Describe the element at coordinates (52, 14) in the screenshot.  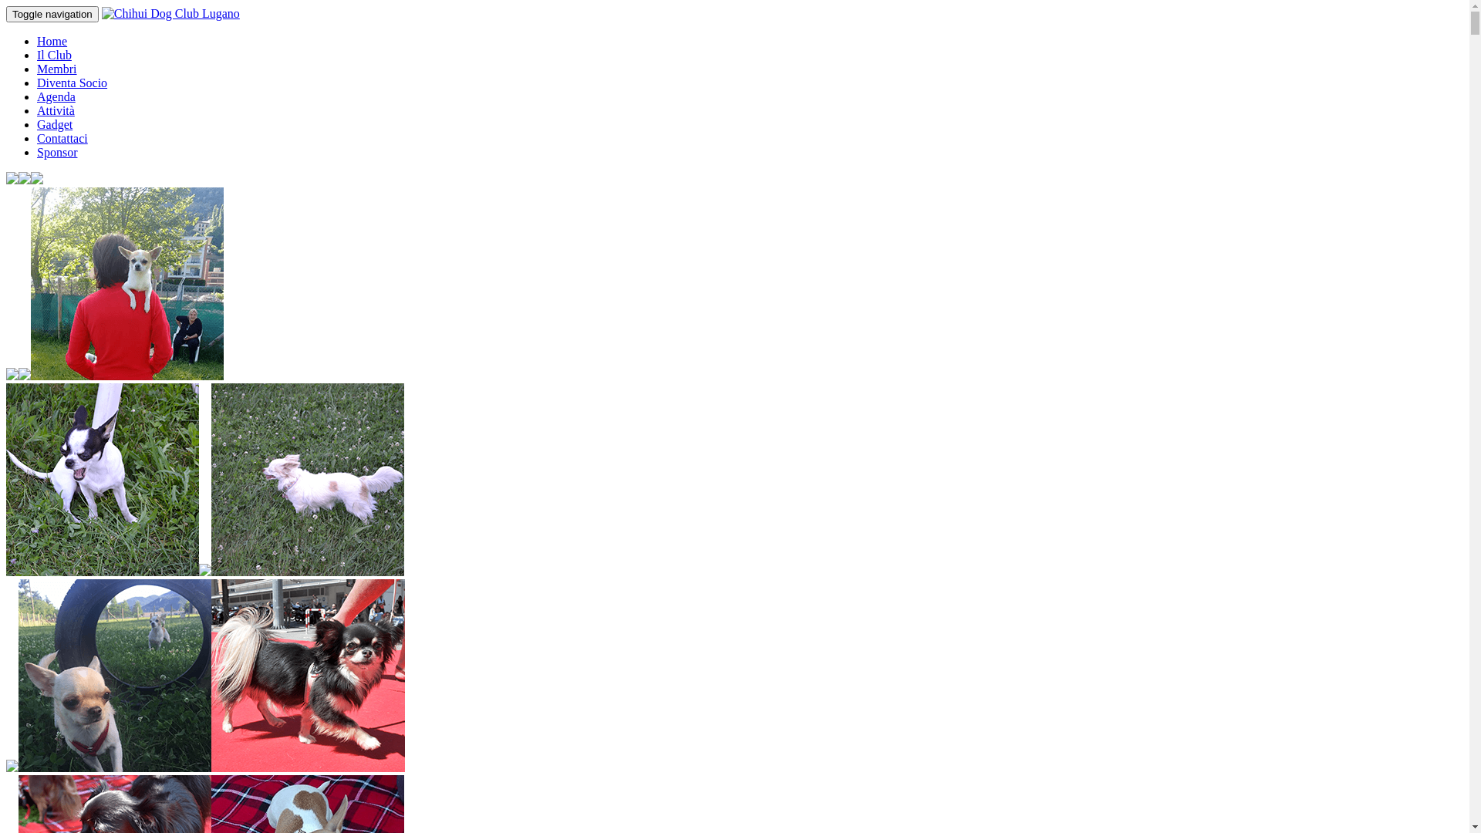
I see `'Toggle navigation'` at that location.